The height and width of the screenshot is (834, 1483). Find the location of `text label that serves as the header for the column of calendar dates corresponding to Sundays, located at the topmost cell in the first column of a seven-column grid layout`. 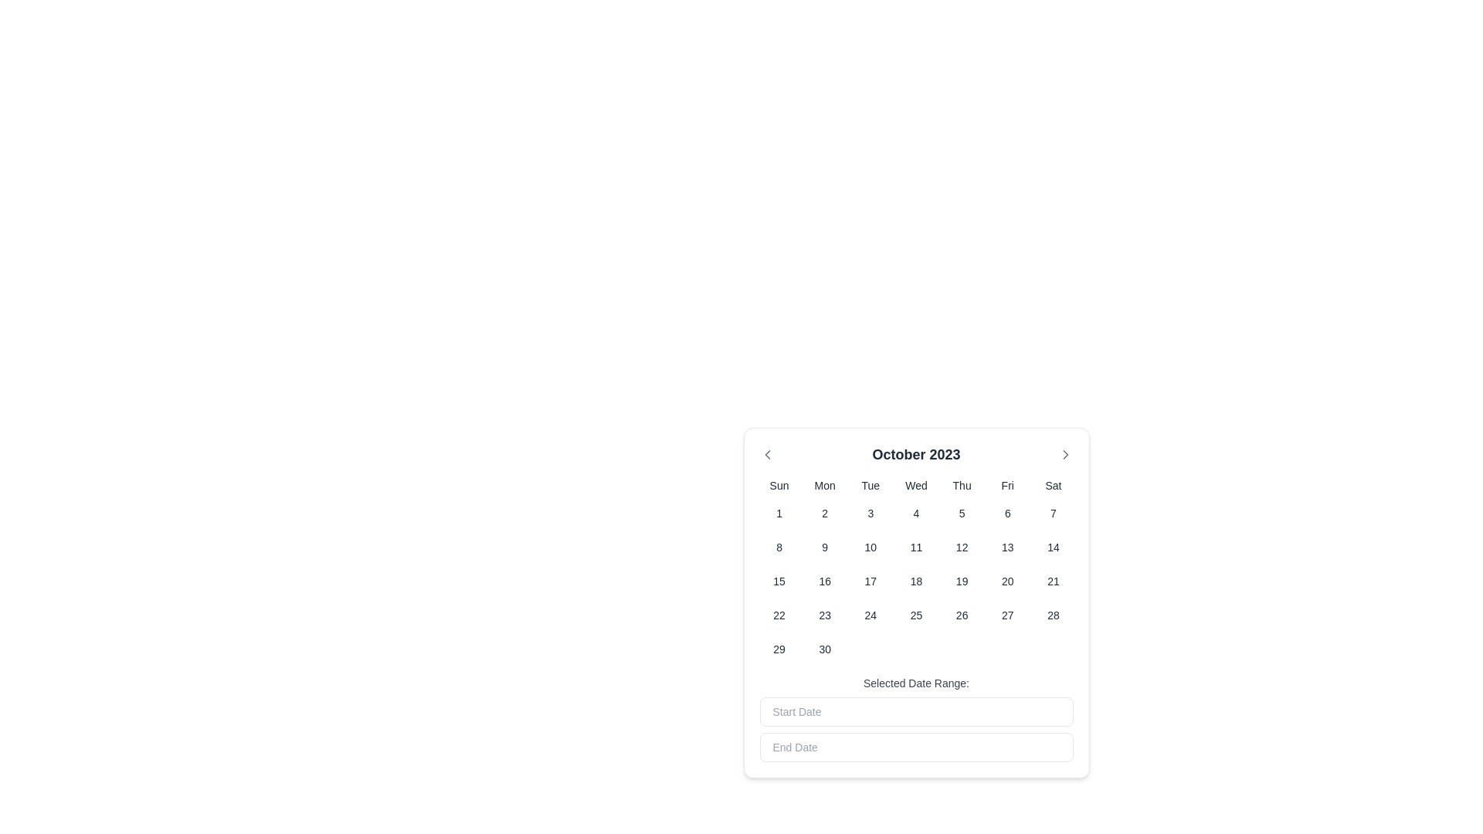

text label that serves as the header for the column of calendar dates corresponding to Sundays, located at the topmost cell in the first column of a seven-column grid layout is located at coordinates (779, 484).